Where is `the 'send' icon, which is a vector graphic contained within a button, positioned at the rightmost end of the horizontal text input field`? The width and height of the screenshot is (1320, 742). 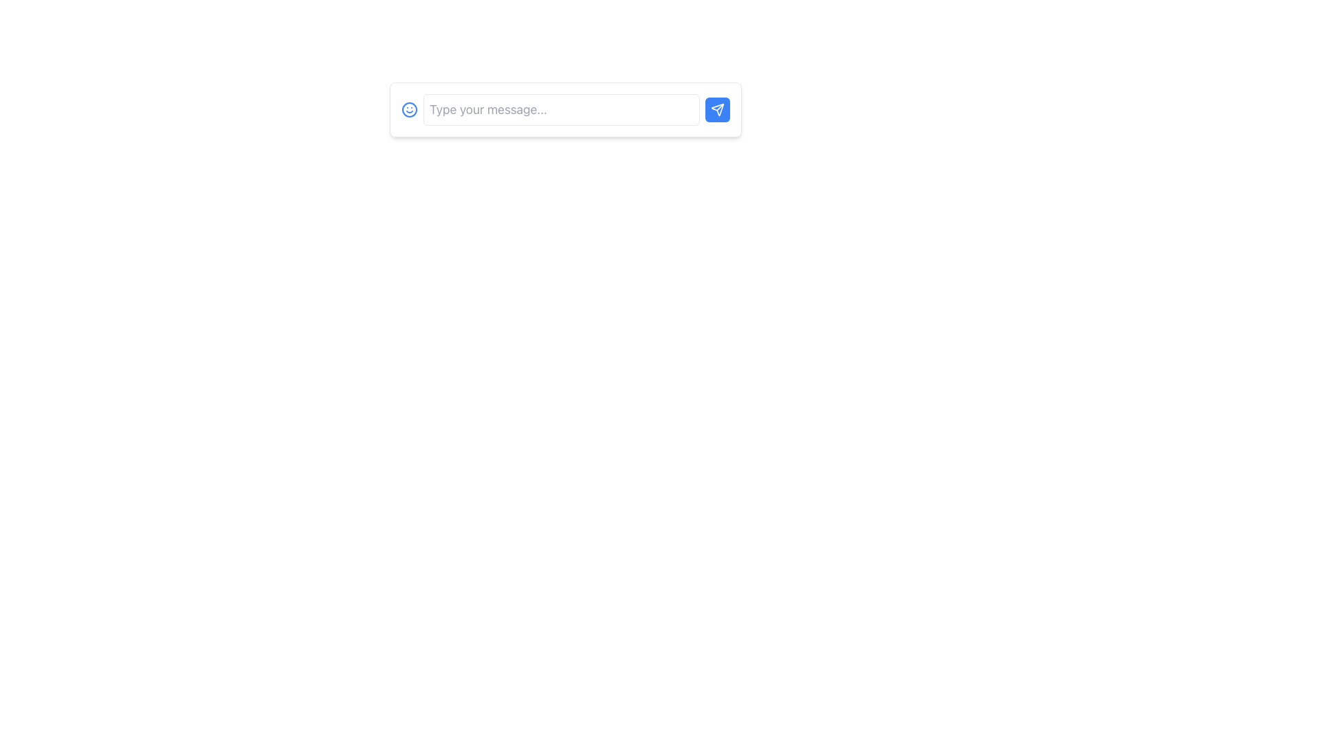
the 'send' icon, which is a vector graphic contained within a button, positioned at the rightmost end of the horizontal text input field is located at coordinates (716, 109).